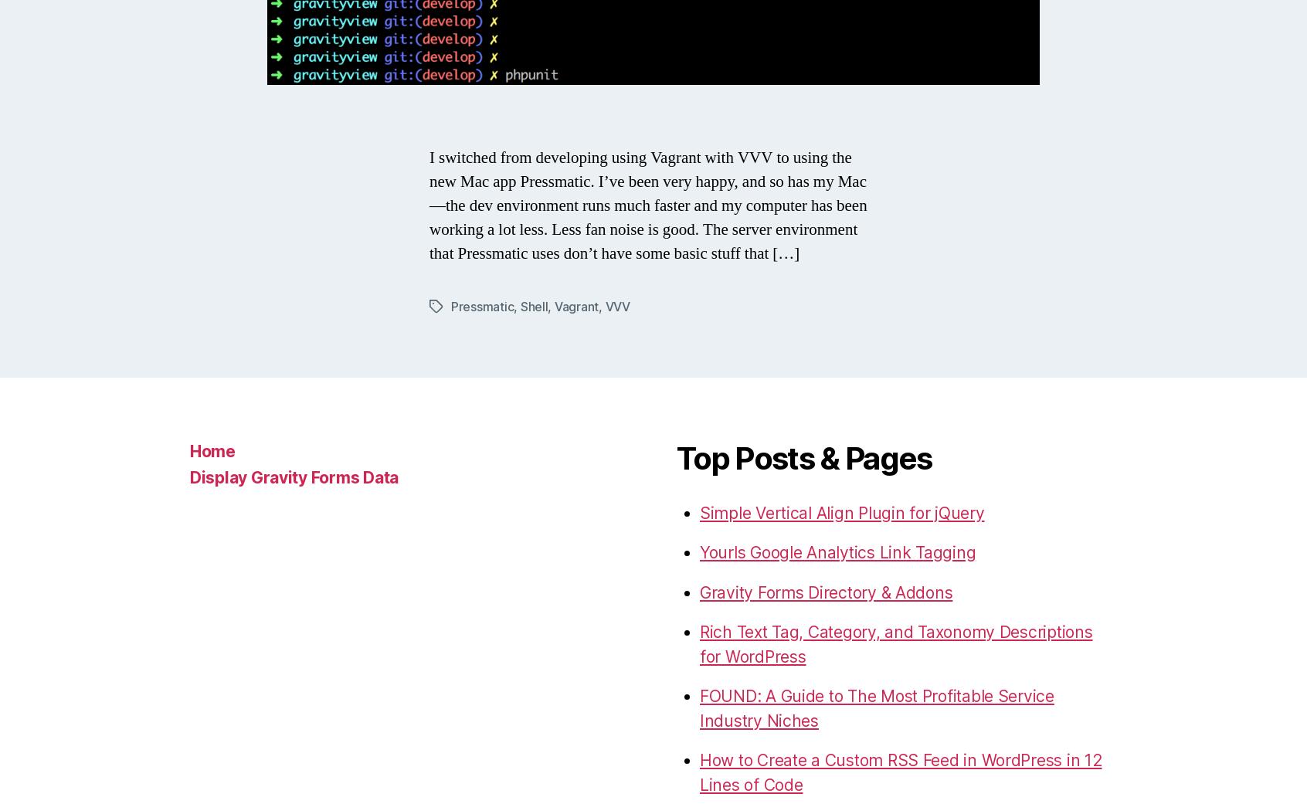 This screenshot has height=804, width=1307. Describe the element at coordinates (861, 450) in the screenshot. I see `'Passive Speaker Recommendations for USA (by @sweetchaos)'` at that location.